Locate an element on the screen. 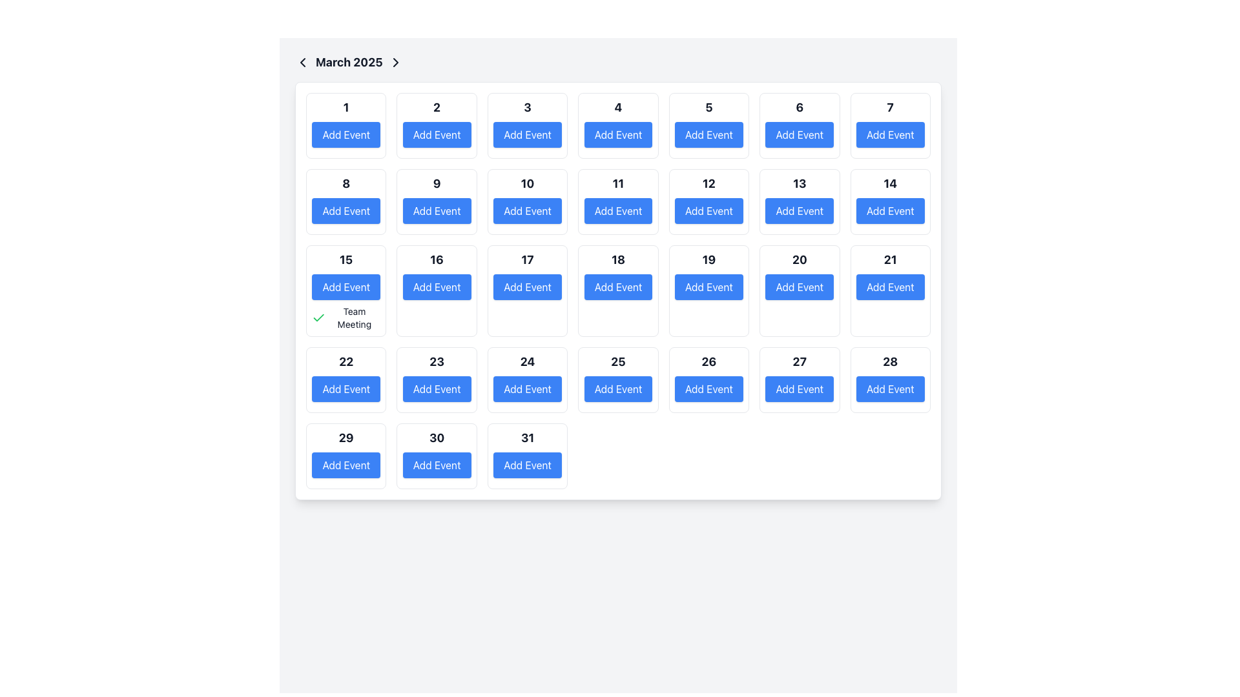 The height and width of the screenshot is (697, 1240). the button labeled '10' in the calendar interface is located at coordinates (528, 201).